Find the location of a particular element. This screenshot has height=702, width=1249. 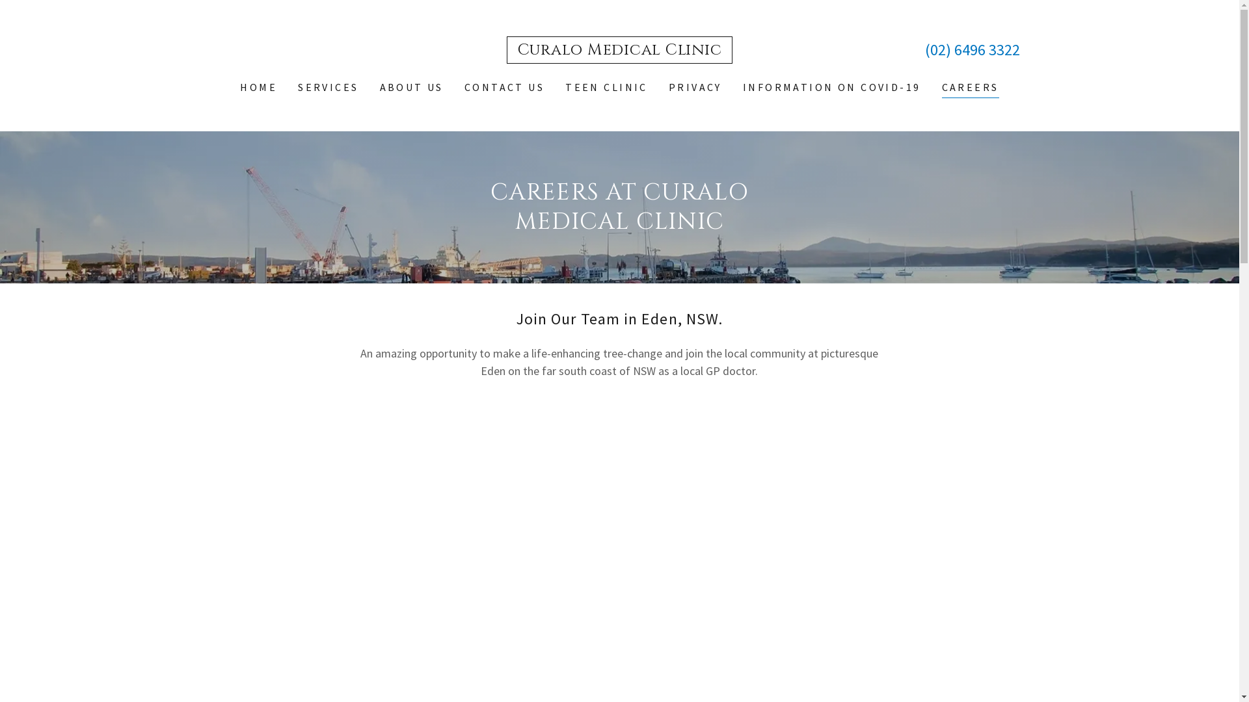

'PRIVACY' is located at coordinates (695, 87).